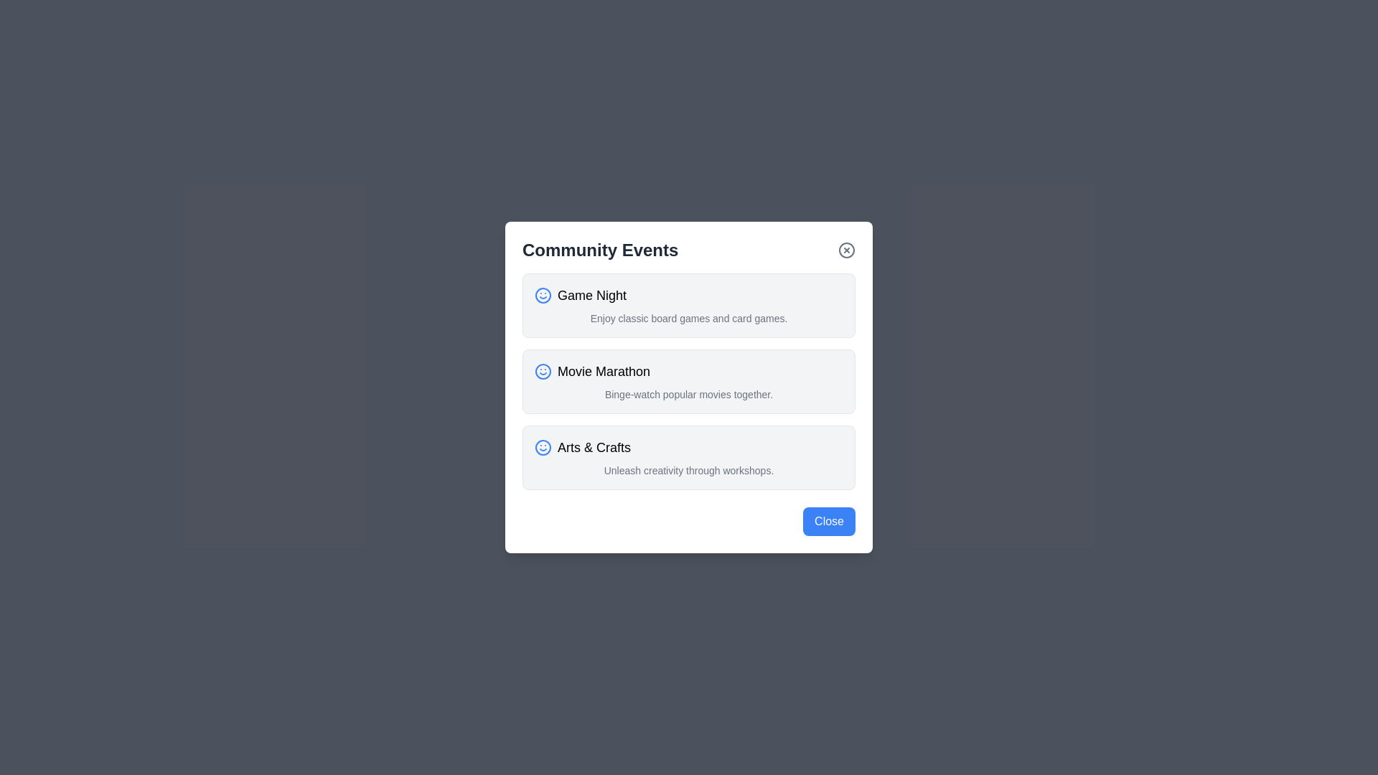  What do you see at coordinates (847, 249) in the screenshot?
I see `the close button in the top-right corner of the dialog` at bounding box center [847, 249].